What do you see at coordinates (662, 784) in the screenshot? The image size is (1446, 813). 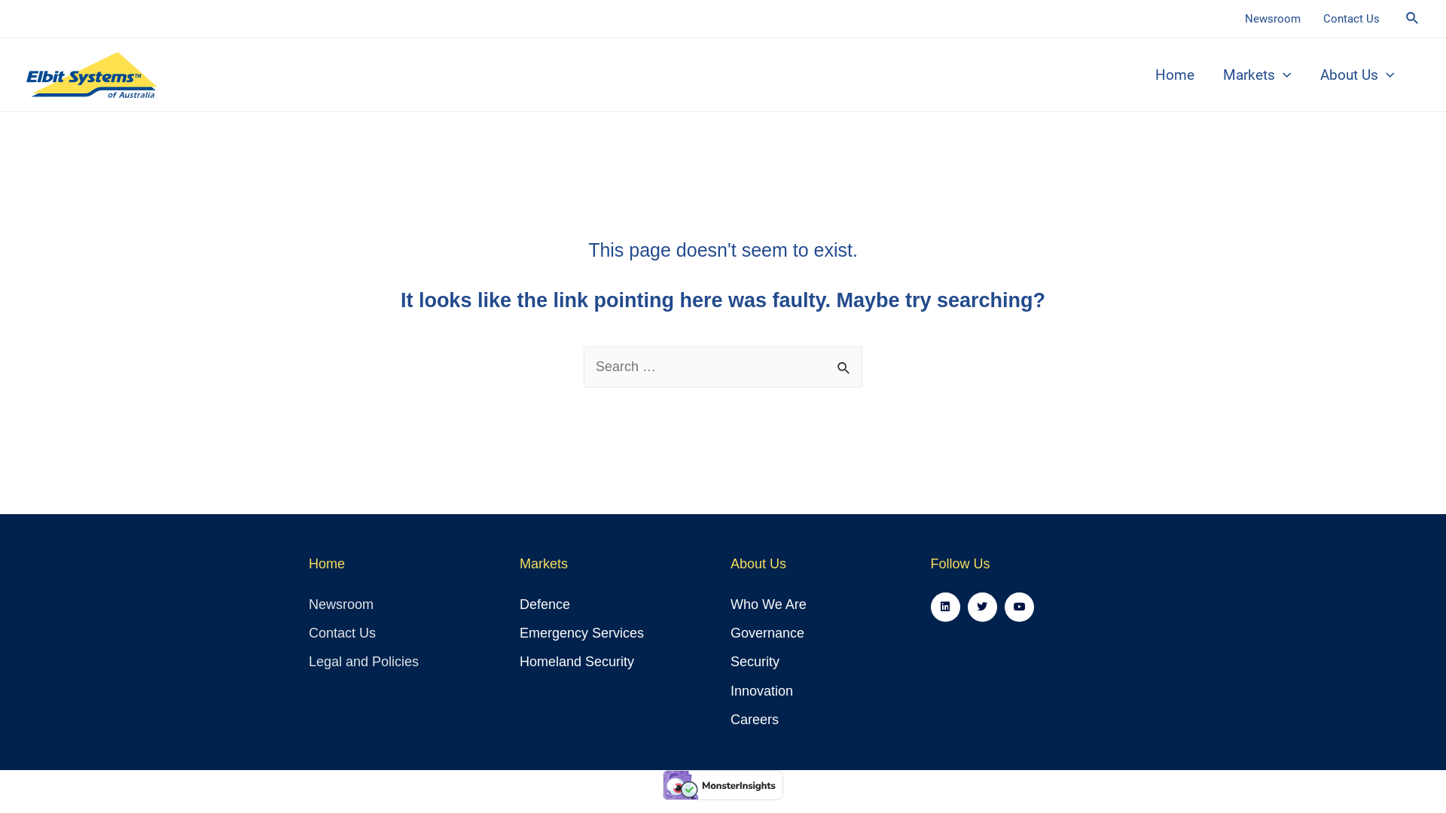 I see `'Verified by MonsterInsights'` at bounding box center [662, 784].